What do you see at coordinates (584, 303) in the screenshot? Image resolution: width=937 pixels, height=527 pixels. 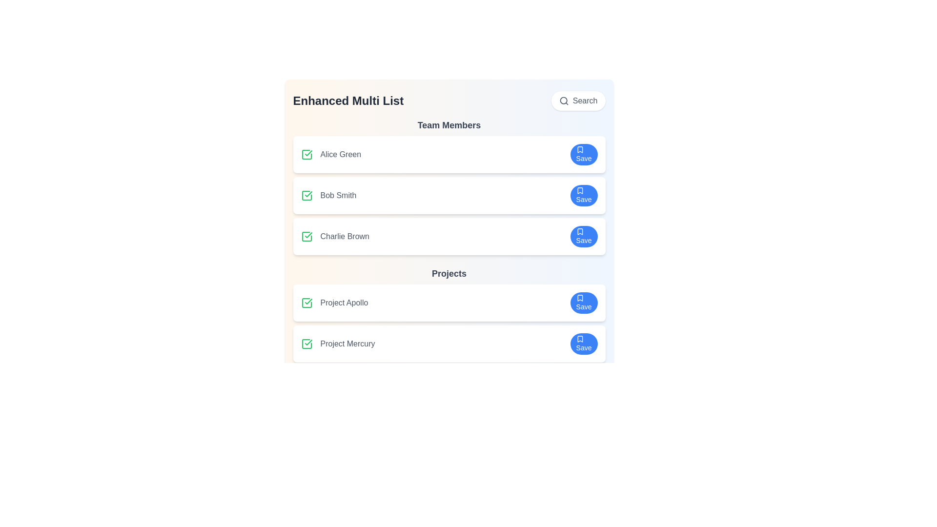 I see `the save button for Project Apollo` at bounding box center [584, 303].